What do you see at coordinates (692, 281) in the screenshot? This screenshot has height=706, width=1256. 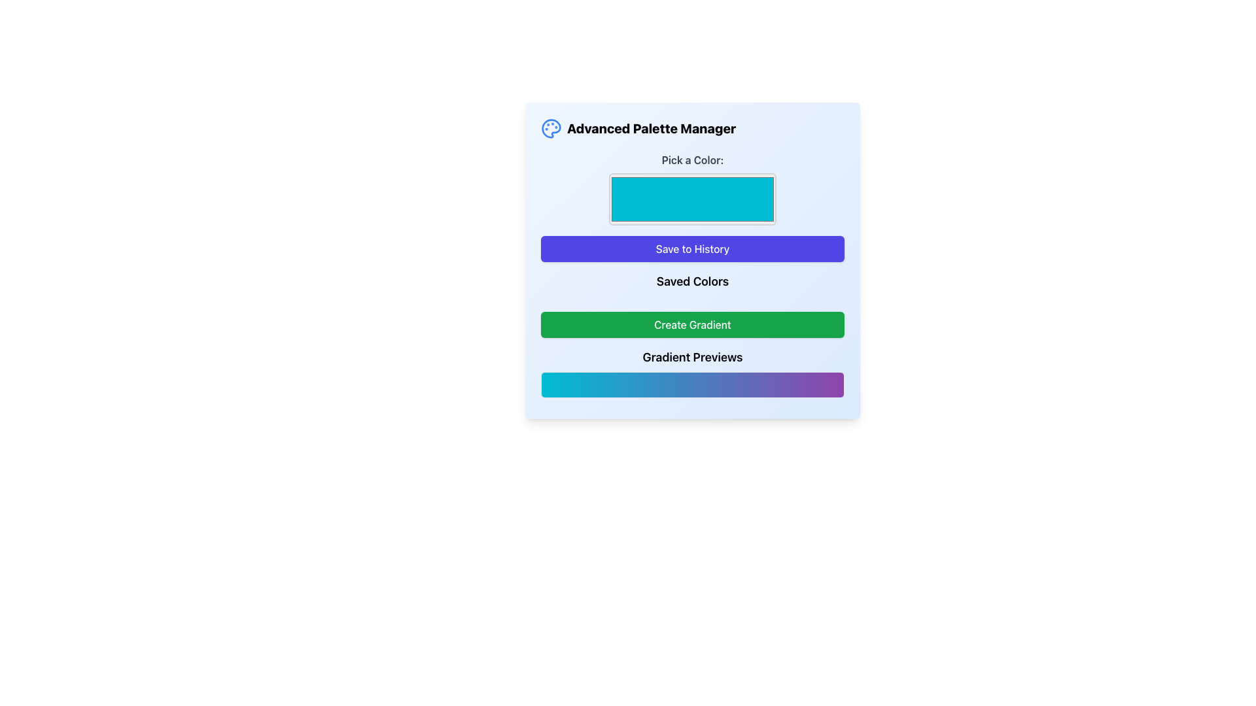 I see `the text label that serves as a section title indicating the purpose of the following section related to colors saved by the user, positioned below the 'Save to History' button and above the 'Create Gradient' button` at bounding box center [692, 281].